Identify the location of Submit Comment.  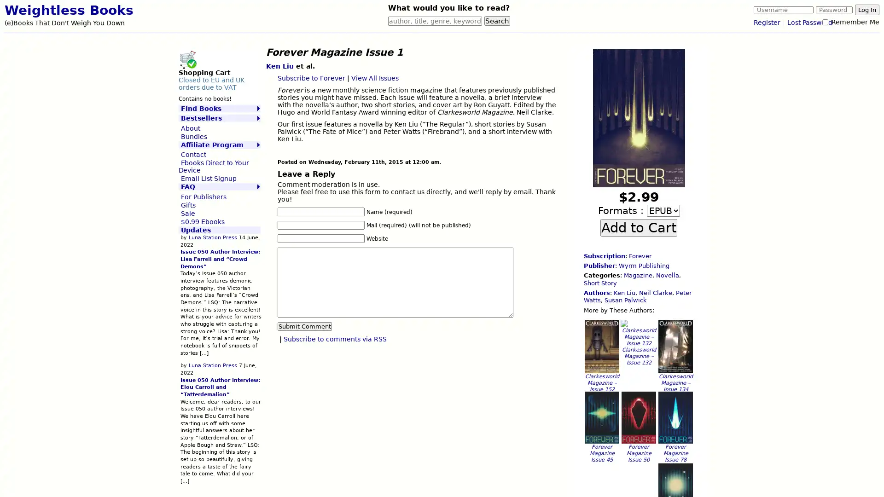
(304, 325).